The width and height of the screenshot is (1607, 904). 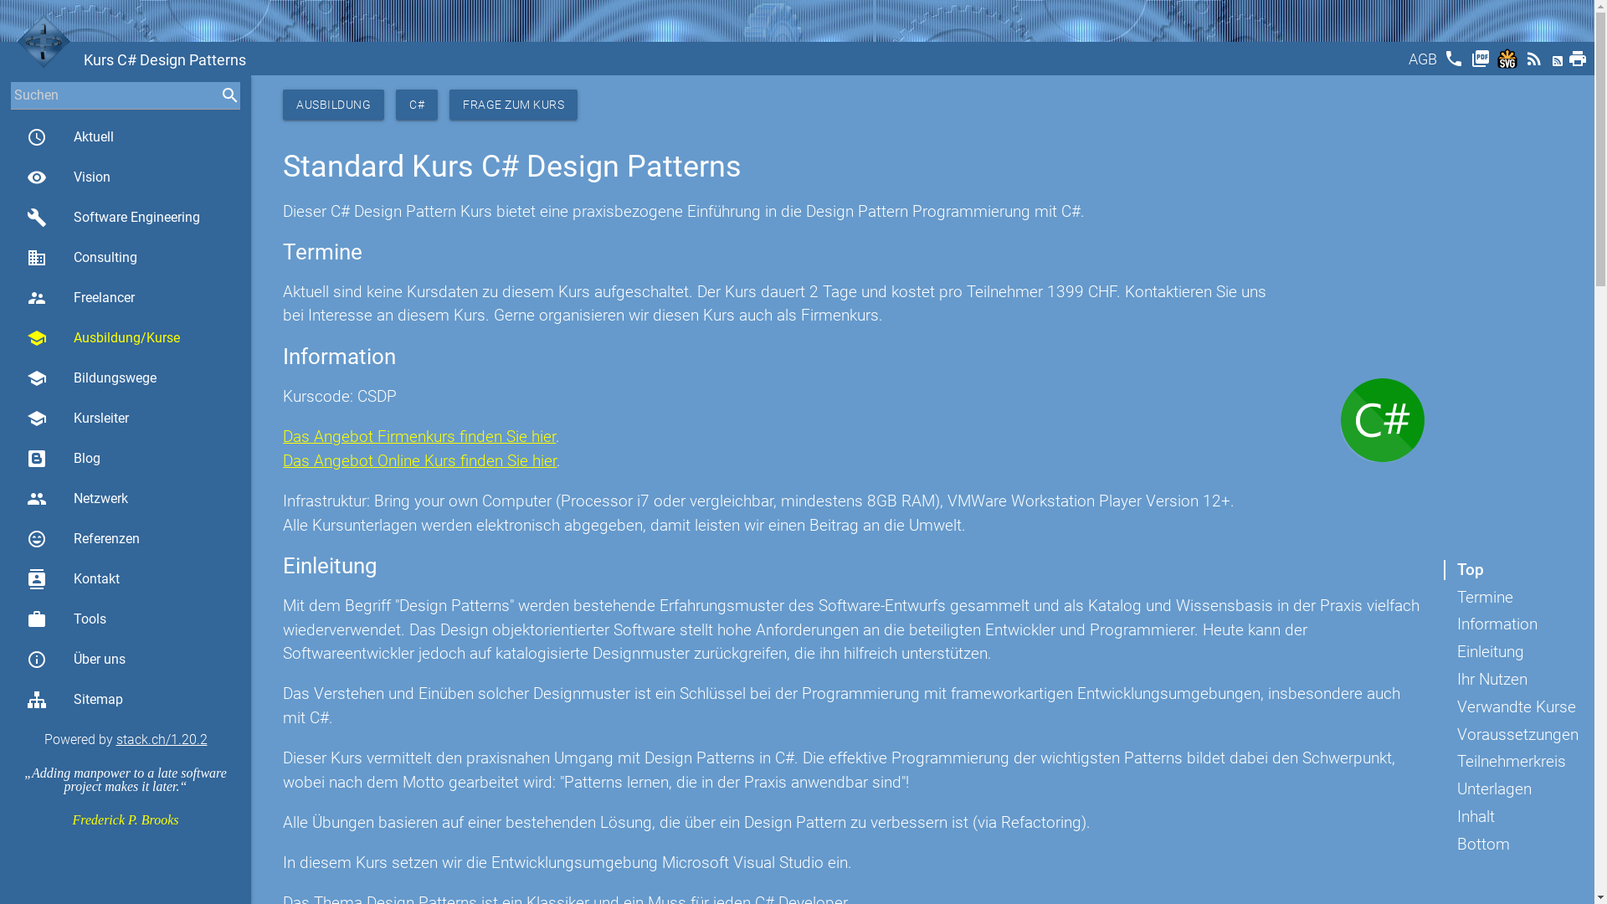 What do you see at coordinates (1442, 596) in the screenshot?
I see `'Termine'` at bounding box center [1442, 596].